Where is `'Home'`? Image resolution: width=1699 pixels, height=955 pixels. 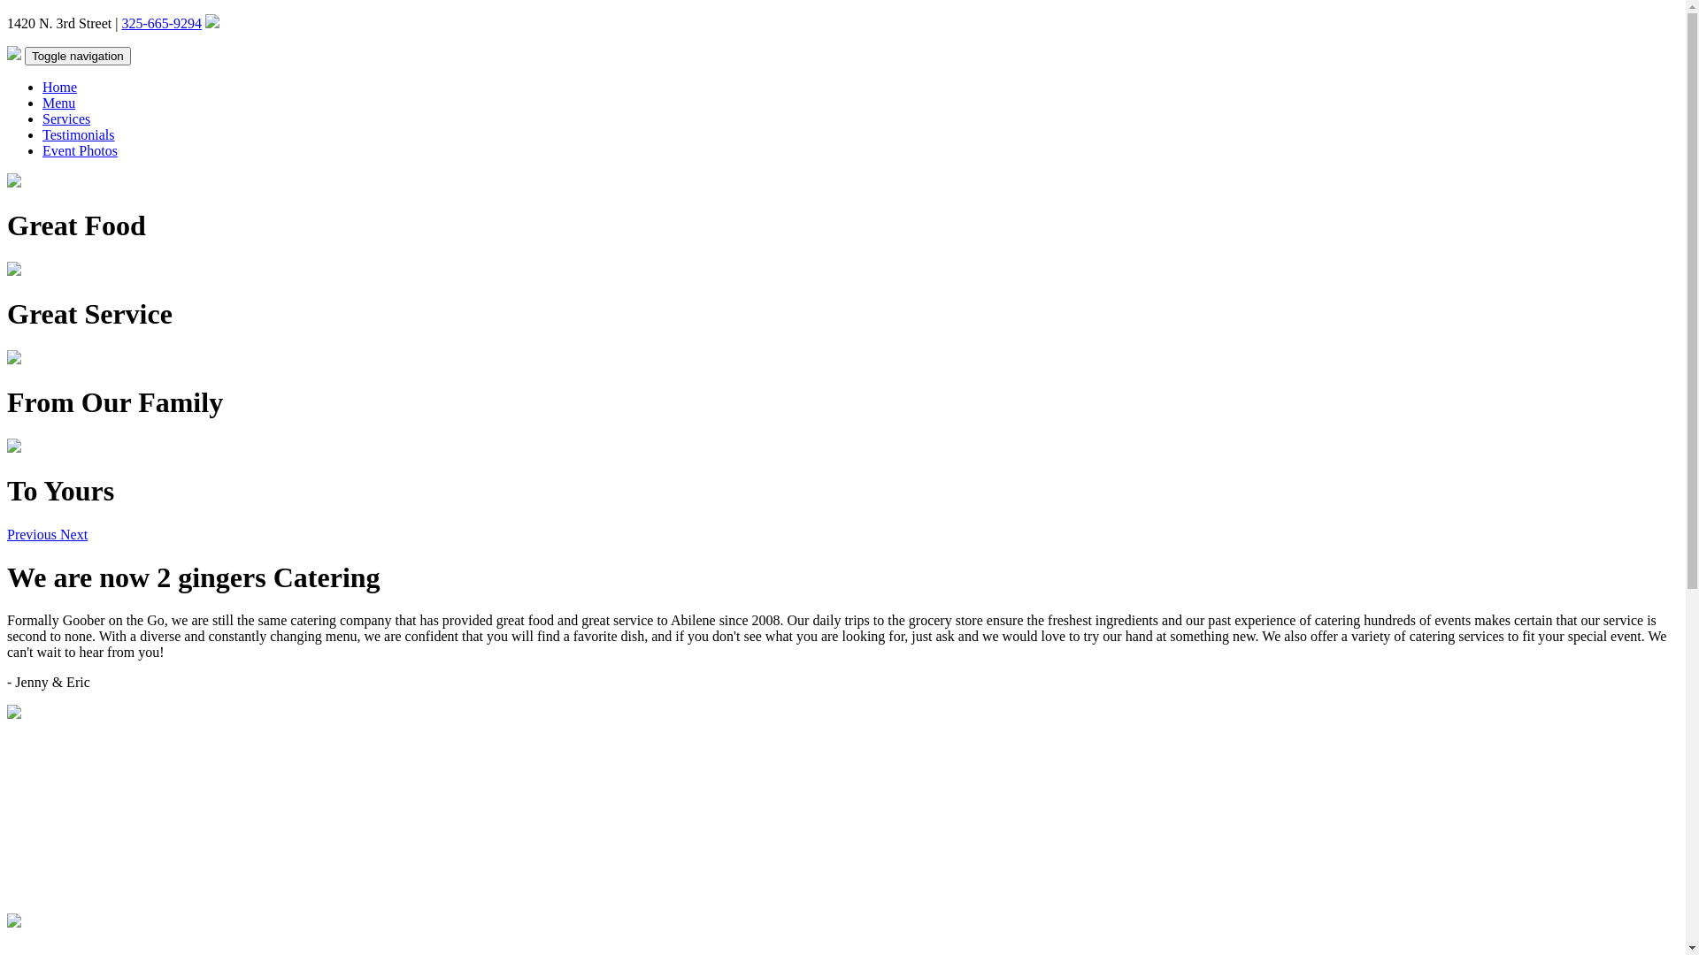
'Home' is located at coordinates (42, 87).